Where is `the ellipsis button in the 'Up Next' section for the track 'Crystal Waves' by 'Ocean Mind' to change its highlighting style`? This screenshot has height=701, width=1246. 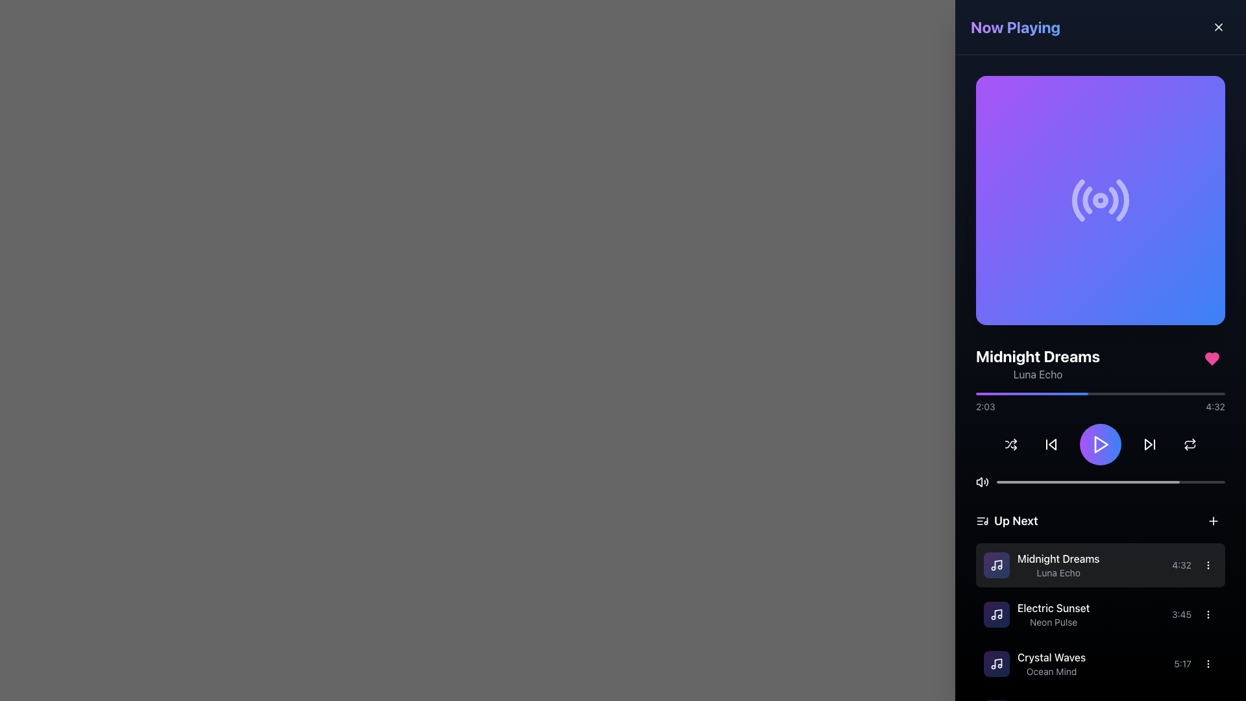
the ellipsis button in the 'Up Next' section for the track 'Crystal Waves' by 'Ocean Mind' to change its highlighting style is located at coordinates (1208, 663).